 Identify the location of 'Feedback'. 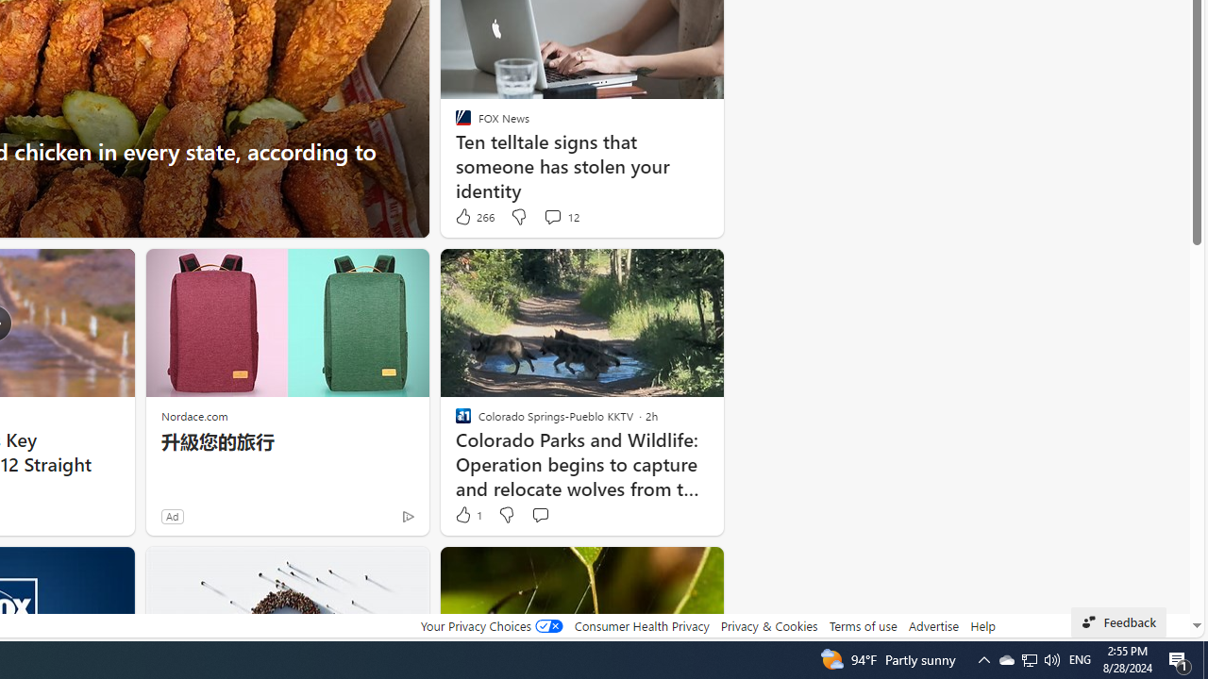
(1118, 621).